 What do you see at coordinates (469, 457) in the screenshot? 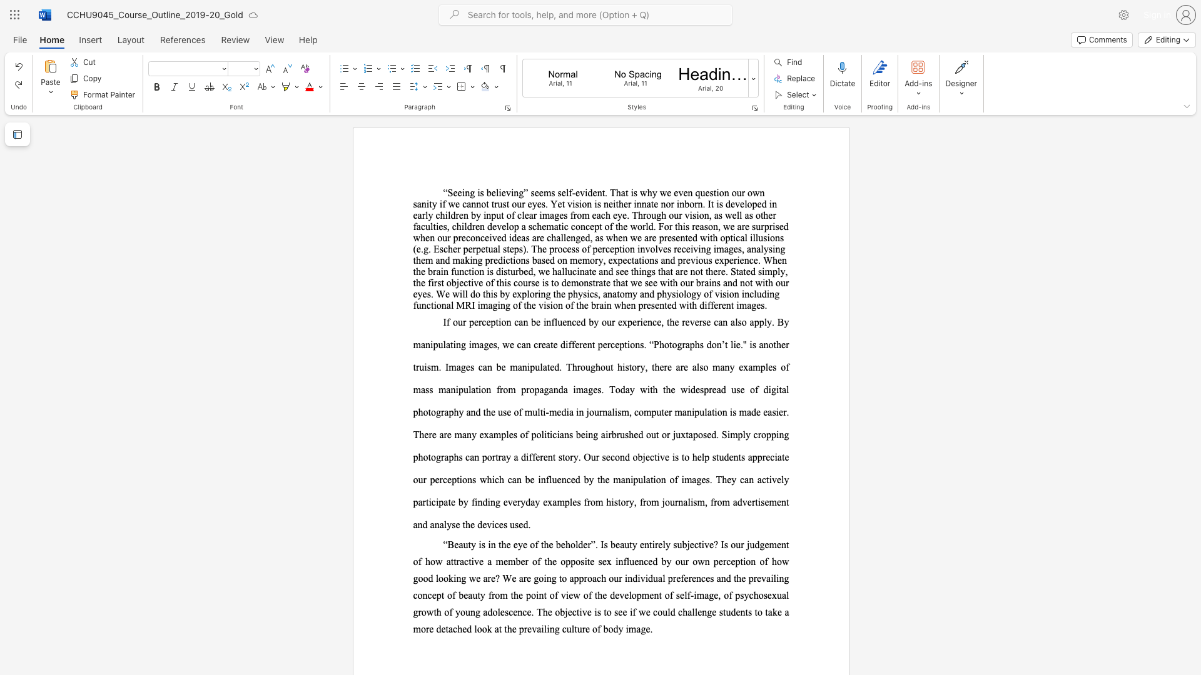
I see `the subset text "an portray a different story. Our second objective is to help students appreciate our perceptions which can be influenced by the manipulation of images. They can actively participate by finding everyday examples from history, from journalism, from" within the text "osed. Simply cropping photographs can portray a different story. Our second objective is to help students appreciate our perceptions which can be influenced by the manipulation of images. They can actively participate by finding everyday examples from history, from journalism, from advertisement and analyse the devices used."` at bounding box center [469, 457].